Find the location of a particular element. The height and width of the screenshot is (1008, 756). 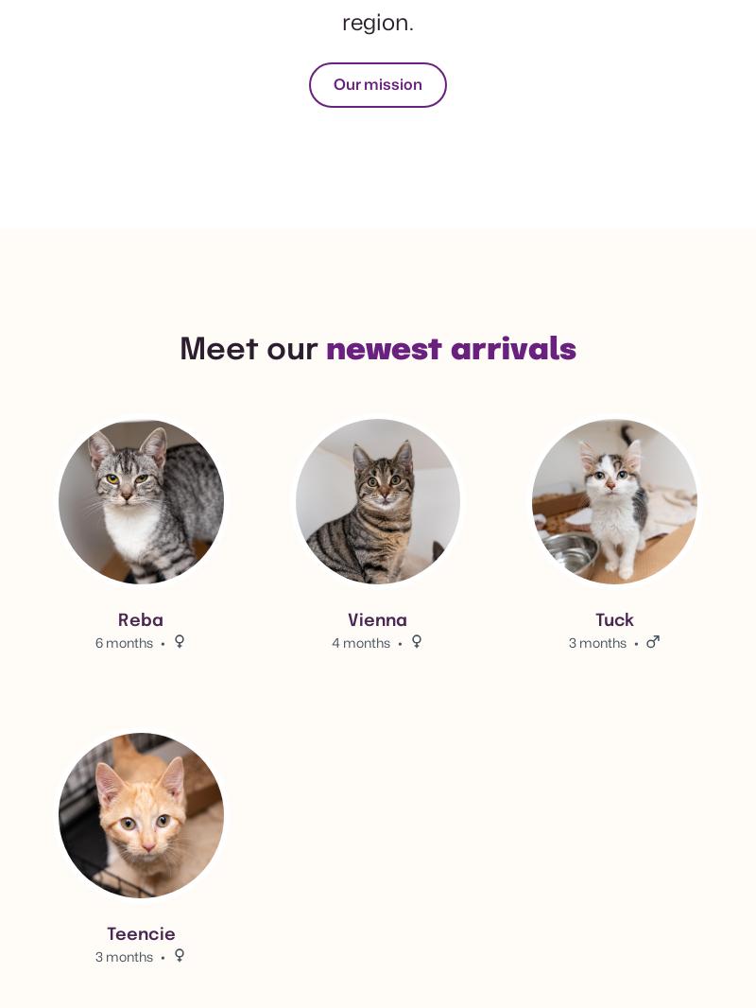

'Teencie' is located at coordinates (140, 935).